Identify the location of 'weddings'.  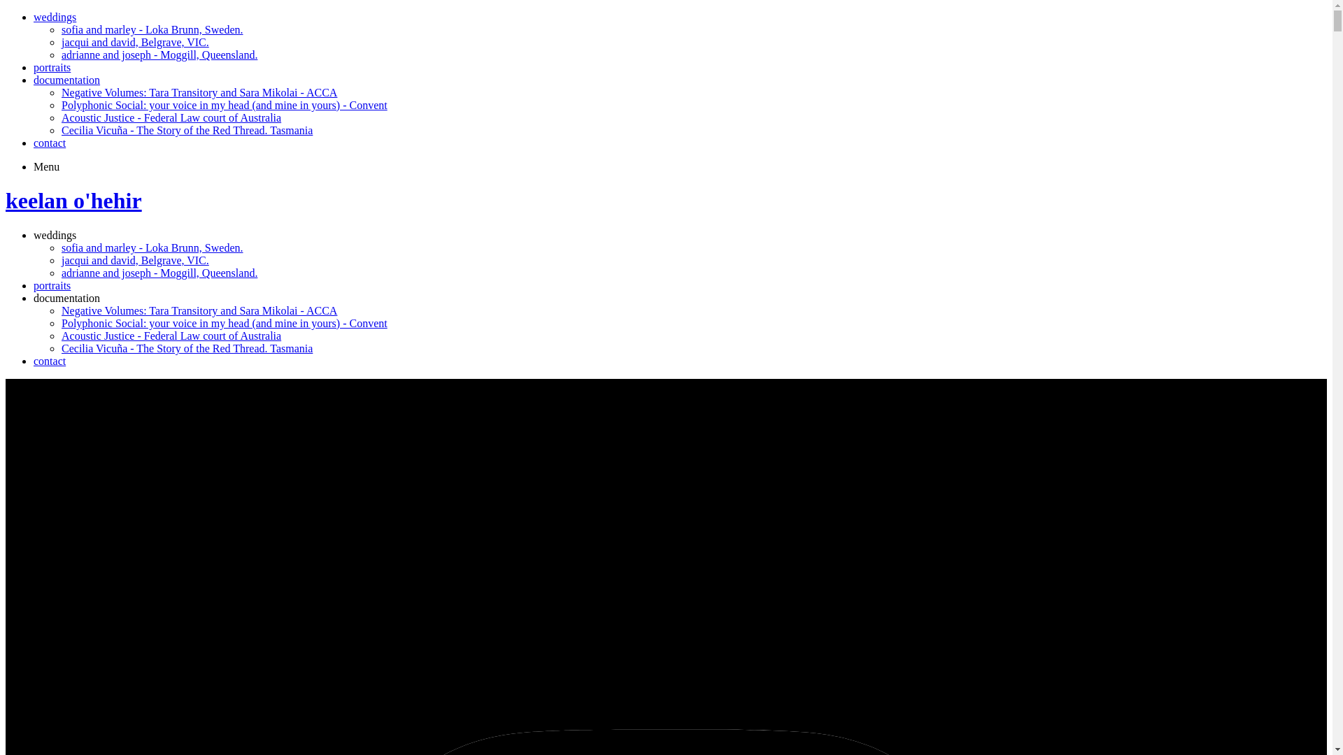
(55, 17).